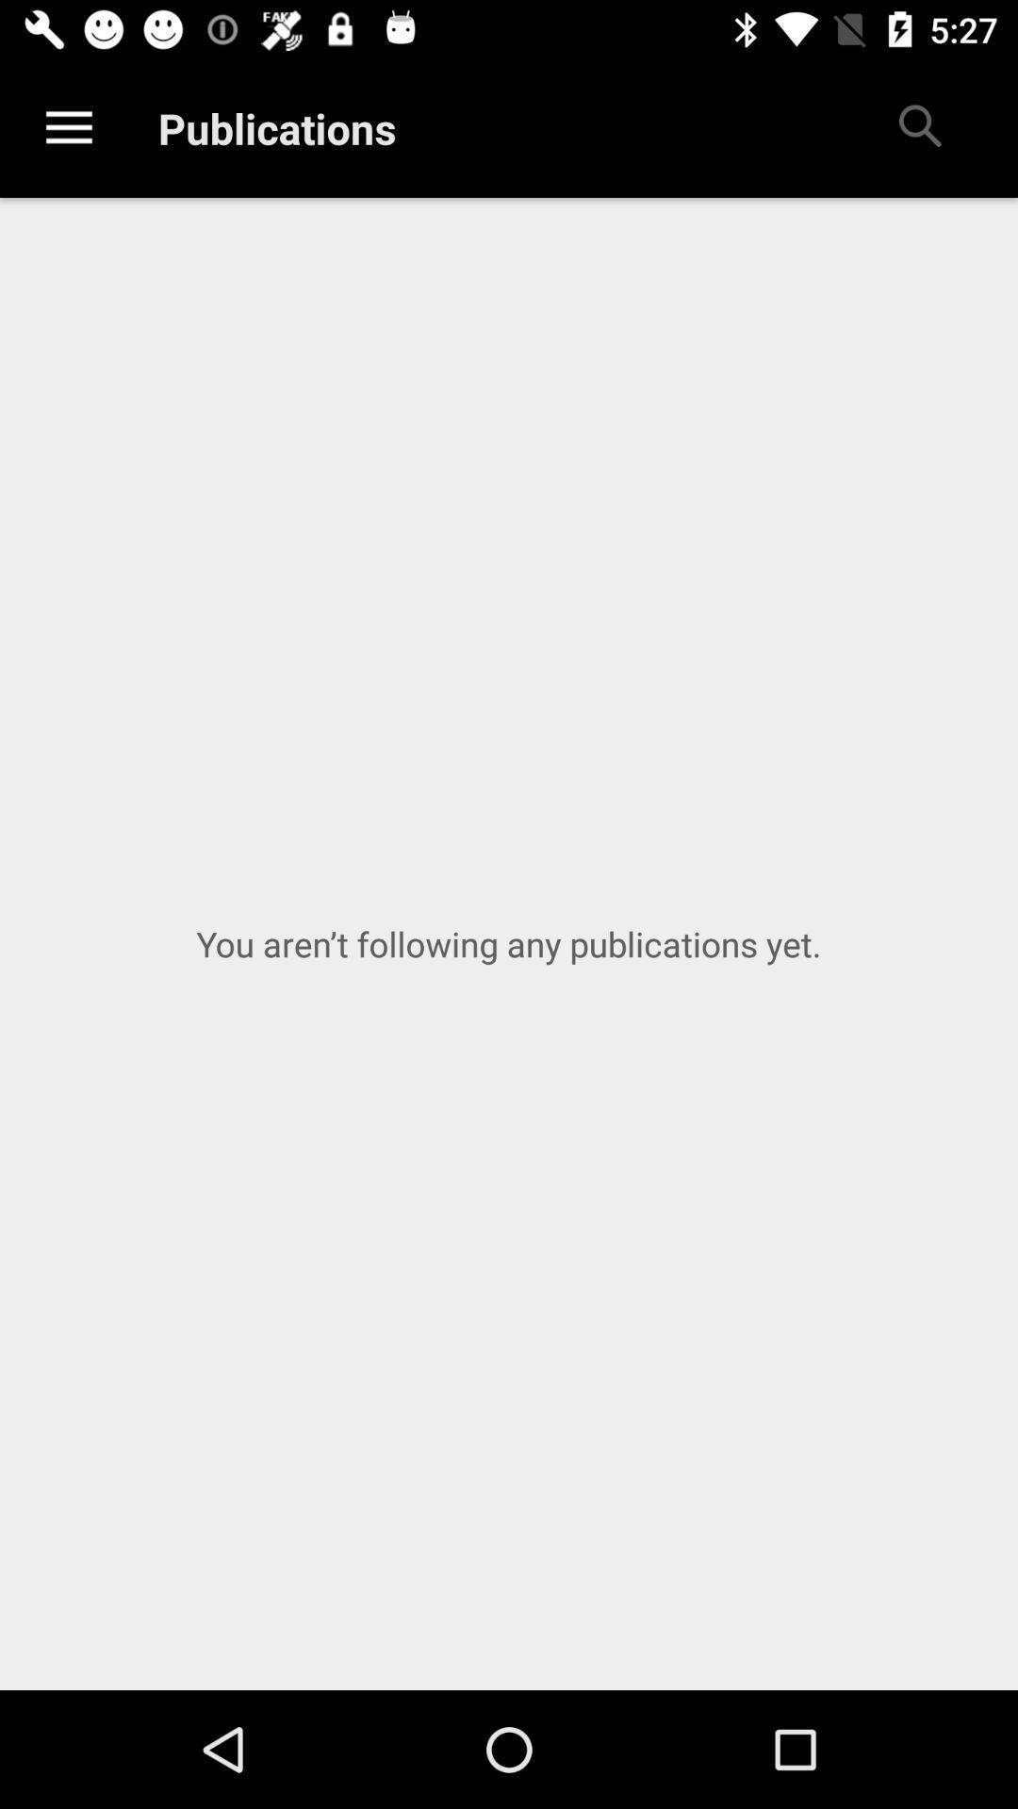 The image size is (1018, 1809). I want to click on the item to the left of publications item, so click(68, 127).